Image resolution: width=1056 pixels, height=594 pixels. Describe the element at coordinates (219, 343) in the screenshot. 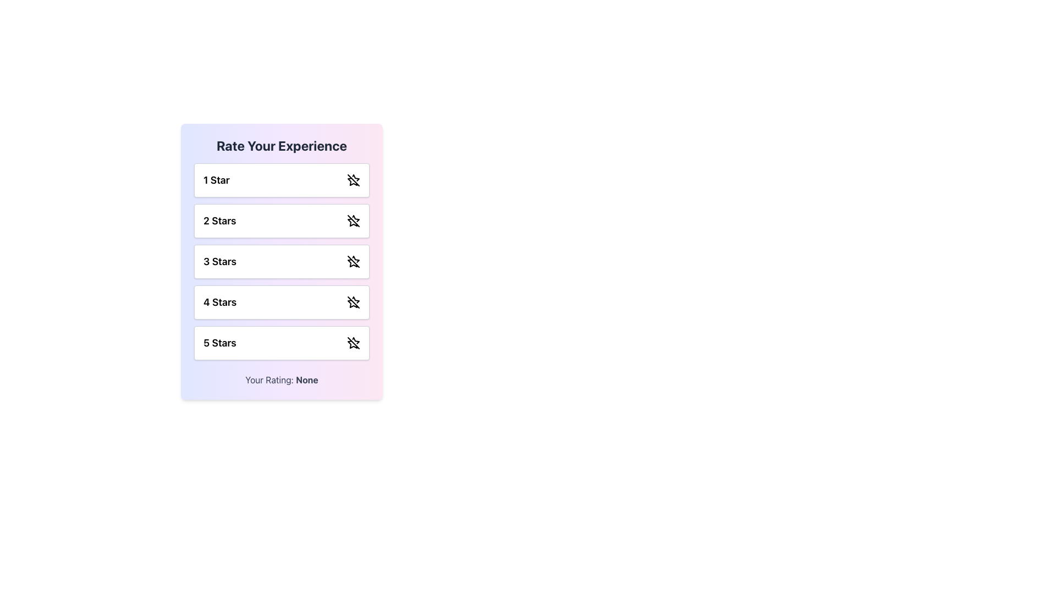

I see `the '5 Stars' text label, which is the fifth item in a vertical list of rating options, contained within a white rectangular box with rounded corners` at that location.